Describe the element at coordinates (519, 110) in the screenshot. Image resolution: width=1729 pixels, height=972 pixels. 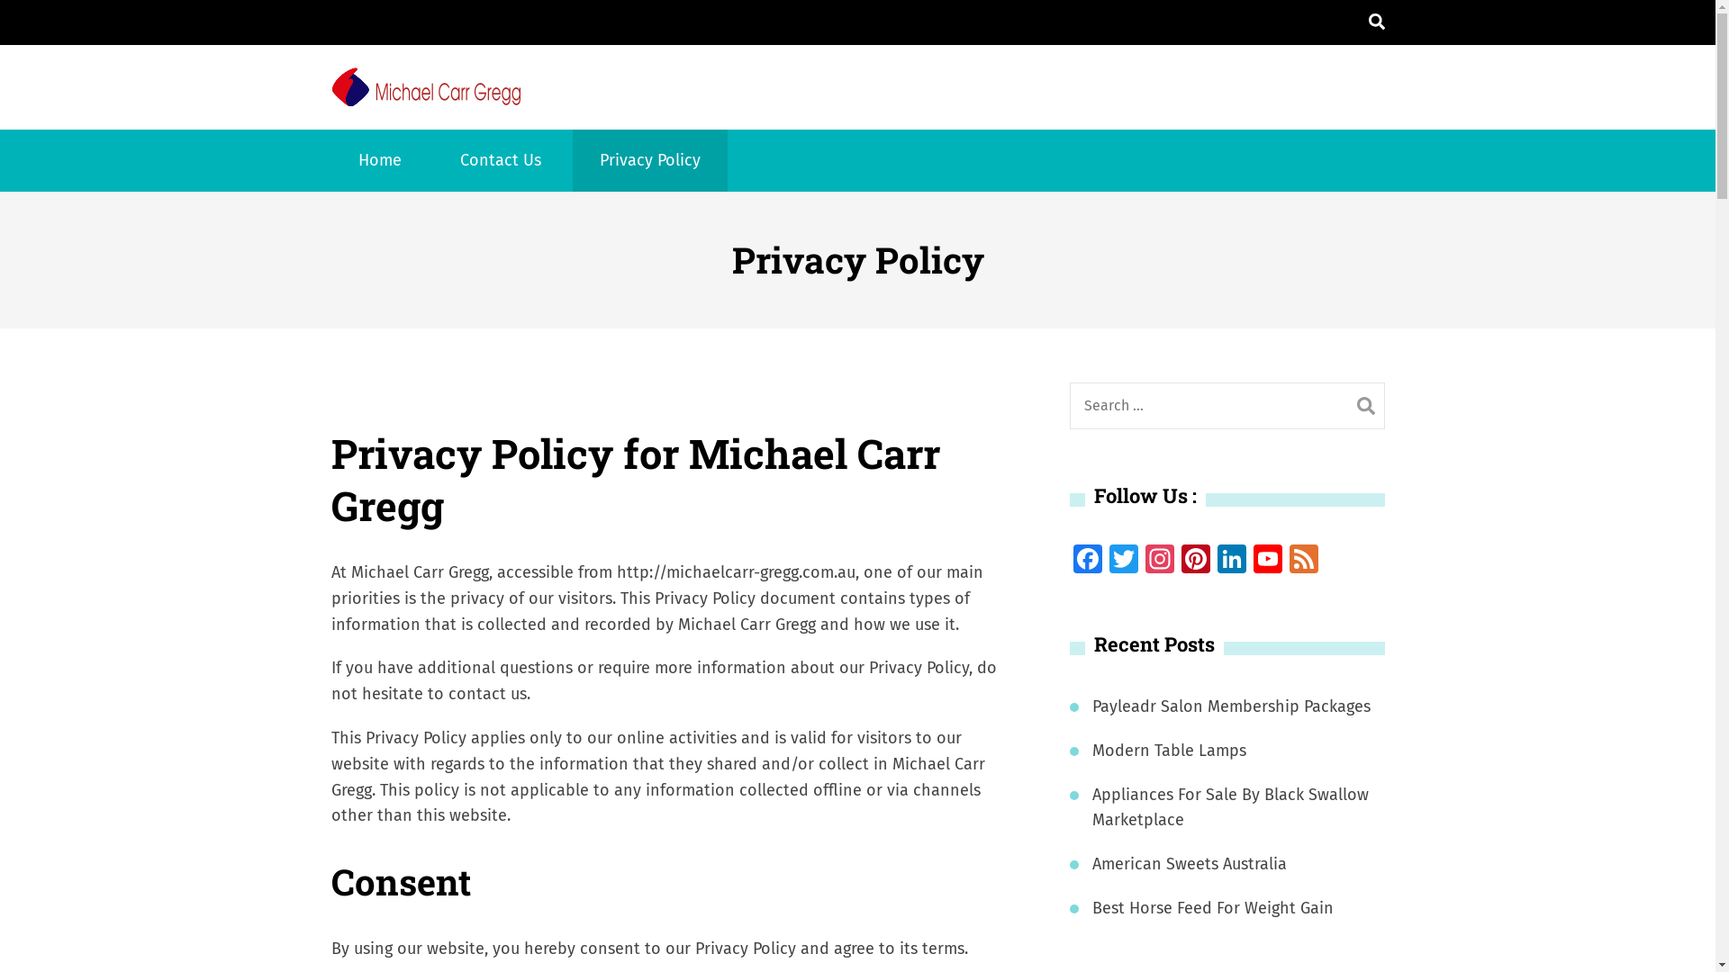
I see `'Michael Carr Gregg'` at that location.